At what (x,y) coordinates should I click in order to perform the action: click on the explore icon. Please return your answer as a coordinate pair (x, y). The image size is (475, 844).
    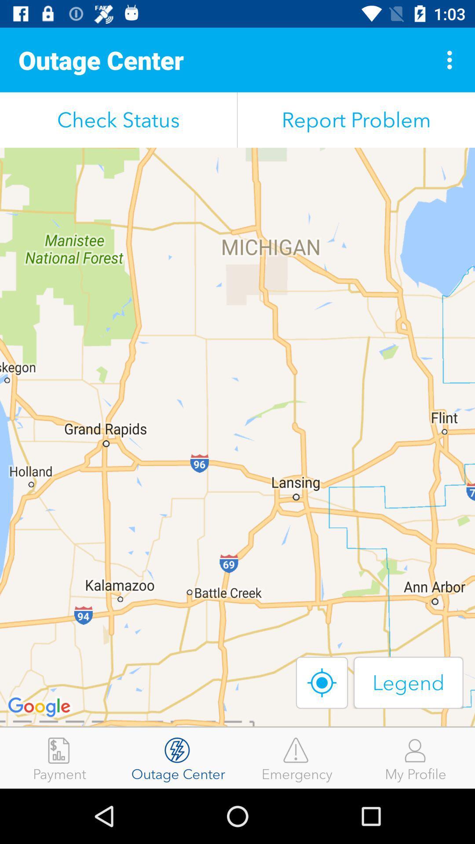
    Looking at the image, I should click on (322, 682).